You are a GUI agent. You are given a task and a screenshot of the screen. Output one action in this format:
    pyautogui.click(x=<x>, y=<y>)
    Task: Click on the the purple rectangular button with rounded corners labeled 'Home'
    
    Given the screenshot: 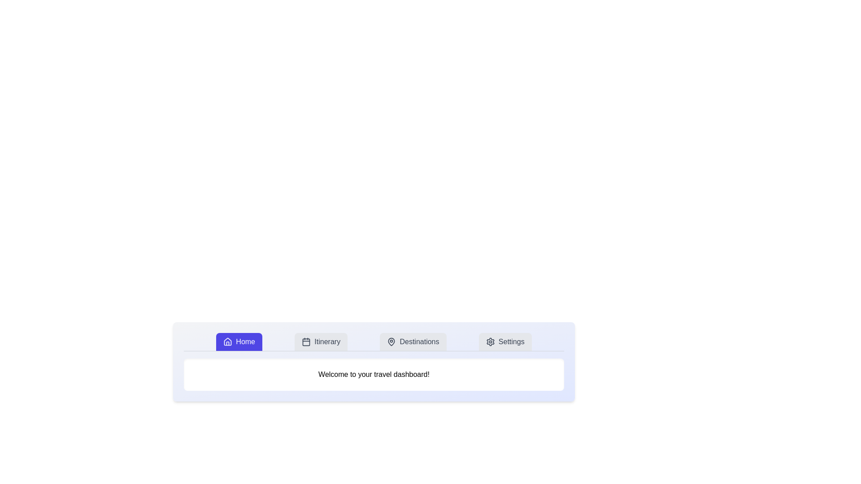 What is the action you would take?
    pyautogui.click(x=239, y=342)
    